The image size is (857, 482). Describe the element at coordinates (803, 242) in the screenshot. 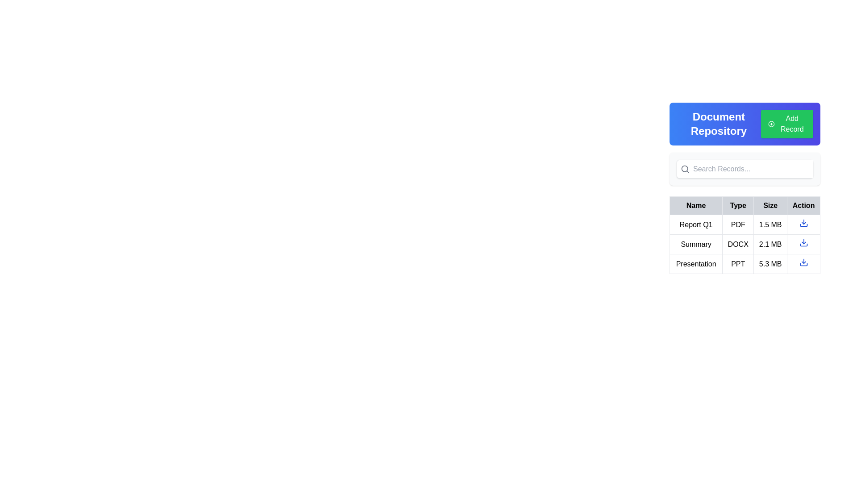

I see `the blue download icon in the 'Action' column of the second row corresponding to the 'Summary' file details to initiate the download` at that location.